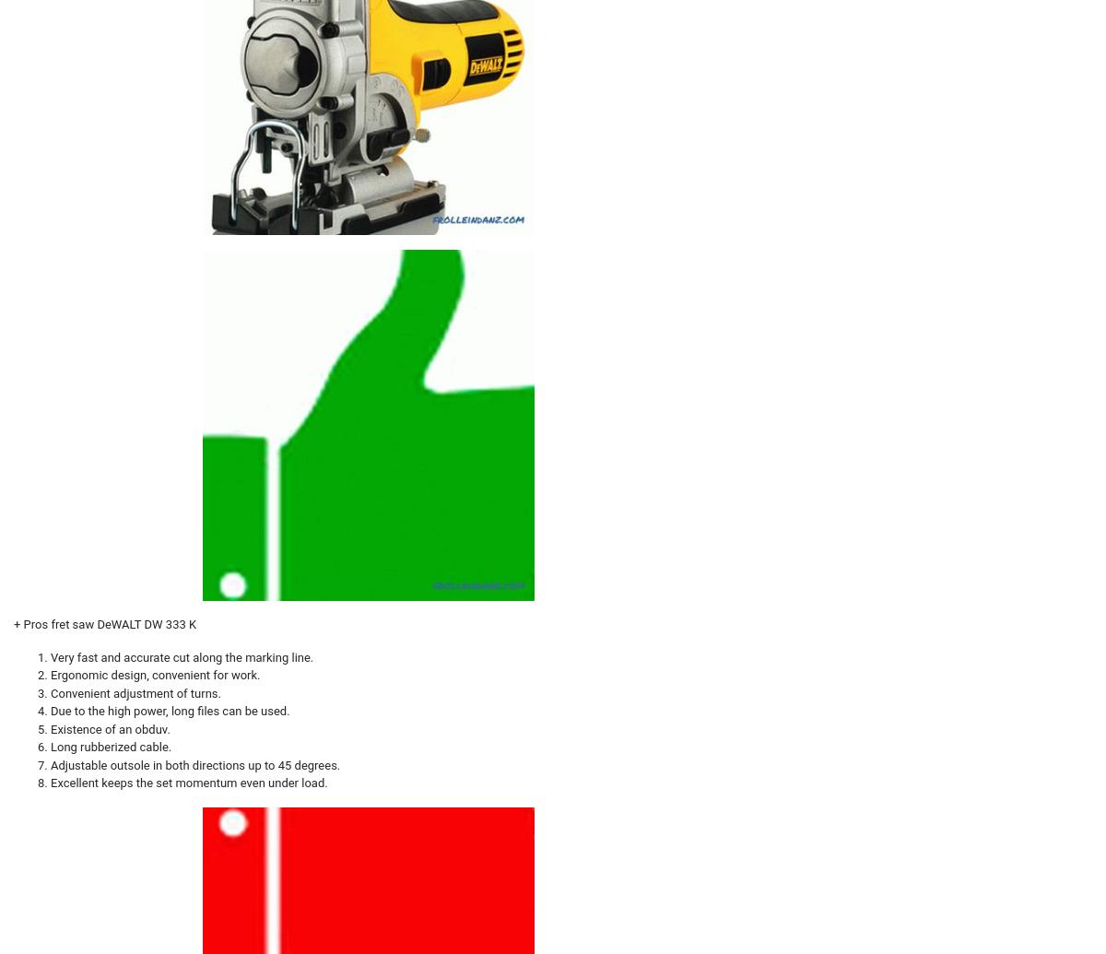 The height and width of the screenshot is (954, 1106). I want to click on 'Pros fret saw DeWALT DW 333 K', so click(110, 623).